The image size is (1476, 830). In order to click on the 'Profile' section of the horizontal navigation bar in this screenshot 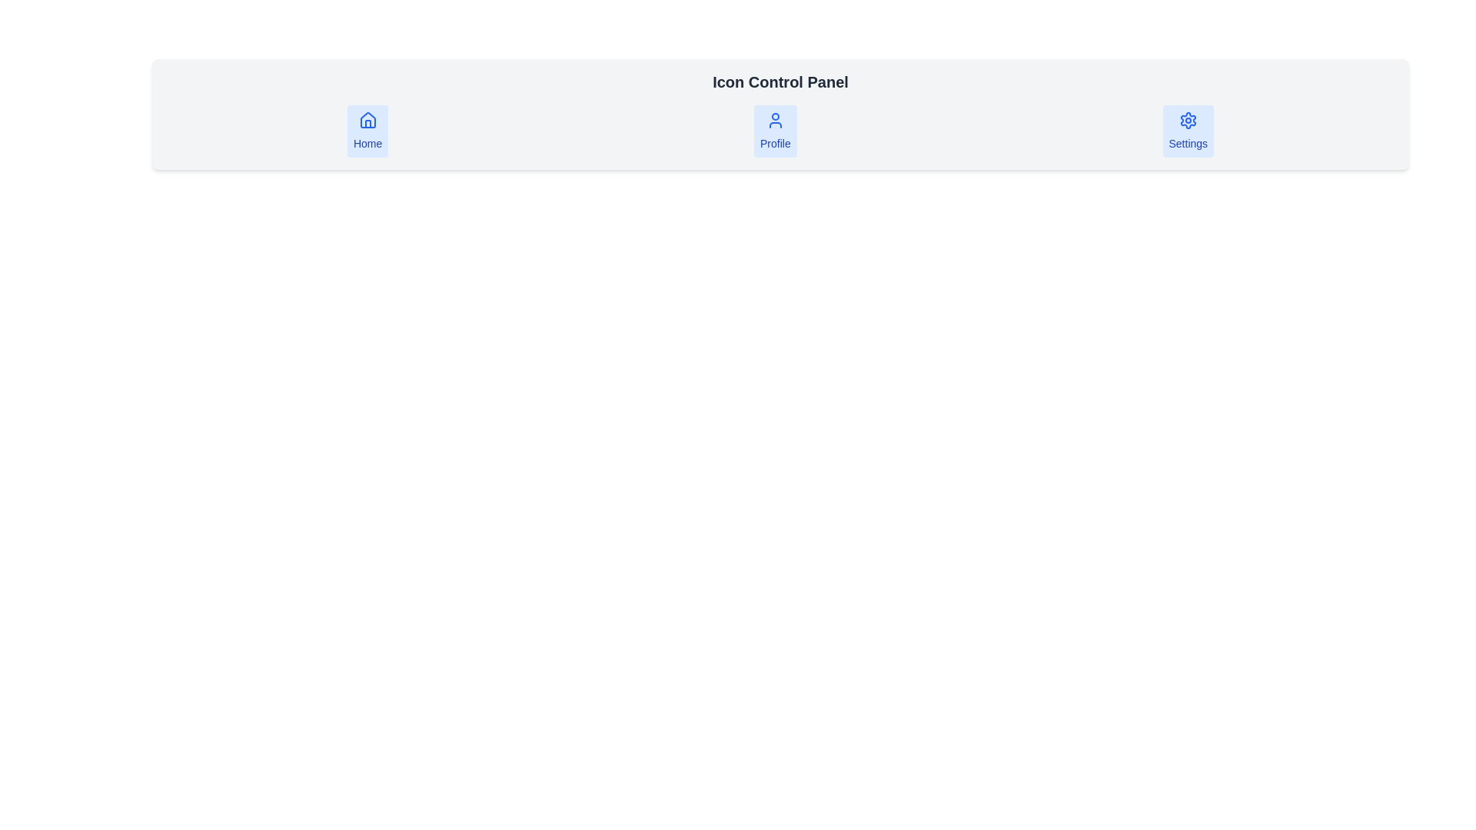, I will do `click(780, 130)`.